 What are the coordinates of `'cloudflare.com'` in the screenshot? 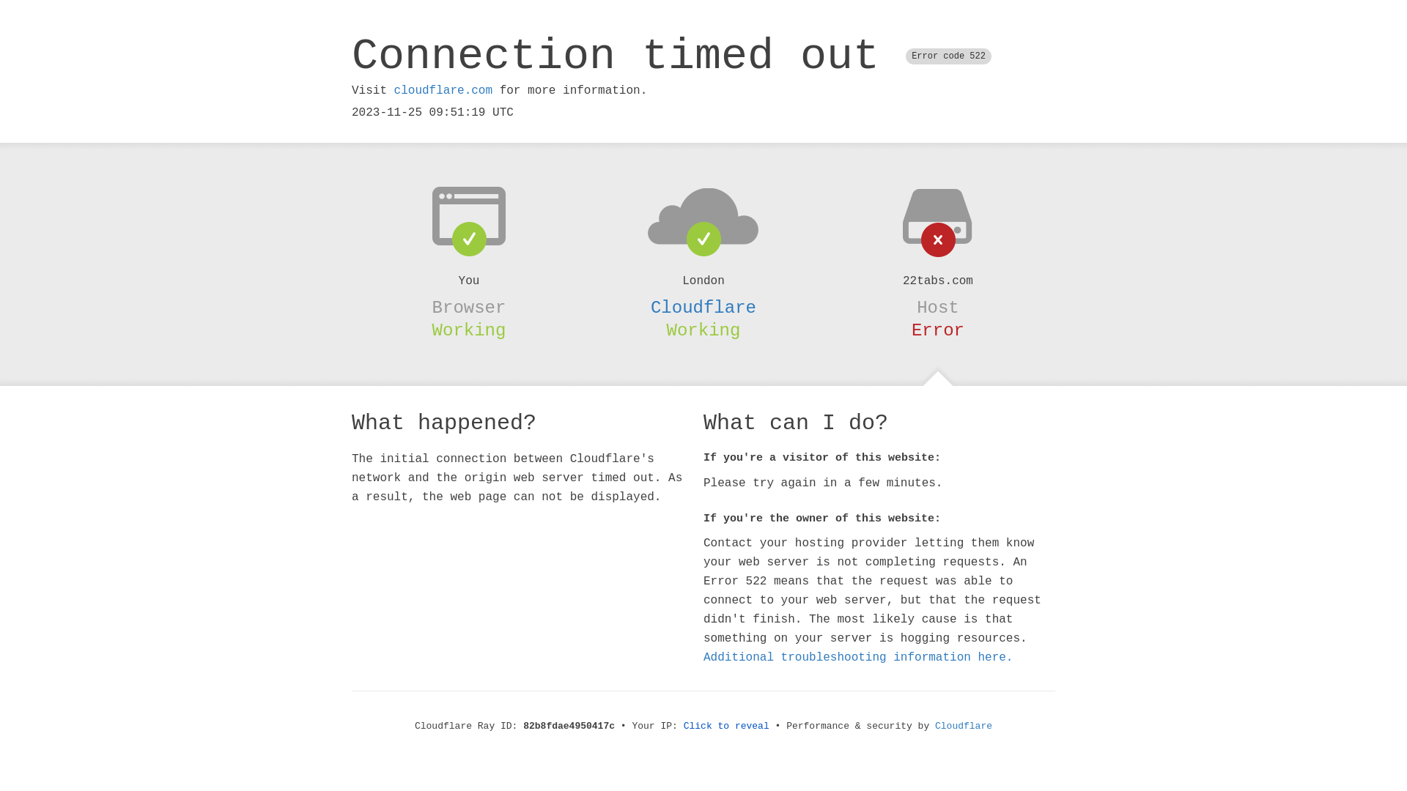 It's located at (442, 90).